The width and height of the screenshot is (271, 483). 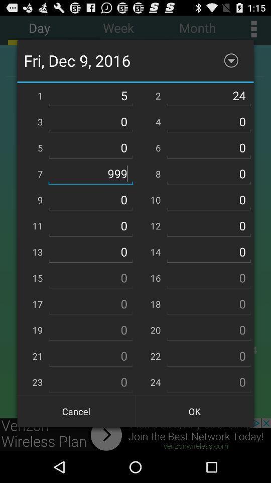 What do you see at coordinates (231, 60) in the screenshot?
I see `minimize` at bounding box center [231, 60].